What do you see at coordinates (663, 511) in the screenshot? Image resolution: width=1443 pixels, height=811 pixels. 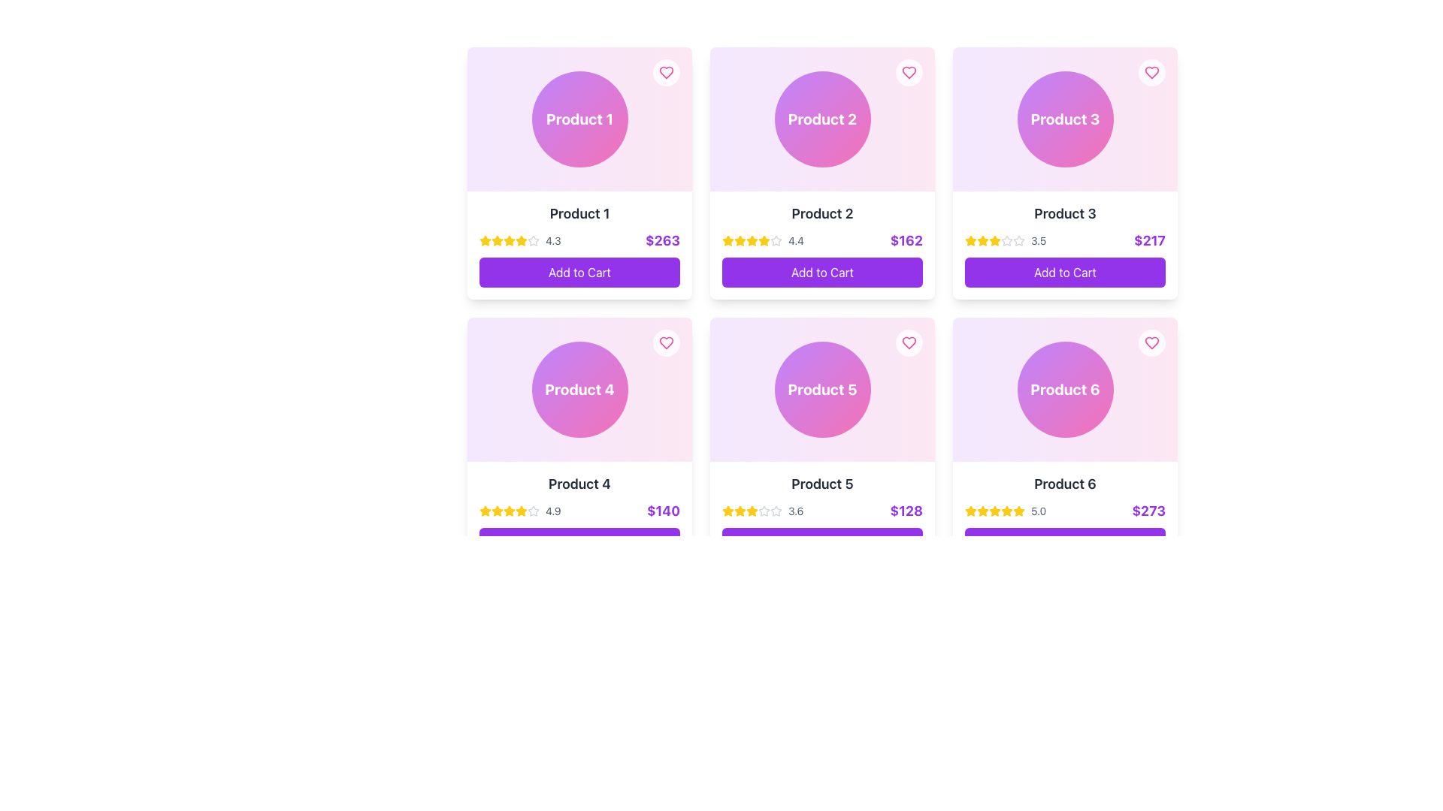 I see `the price information text label for 'Product 4'` at bounding box center [663, 511].